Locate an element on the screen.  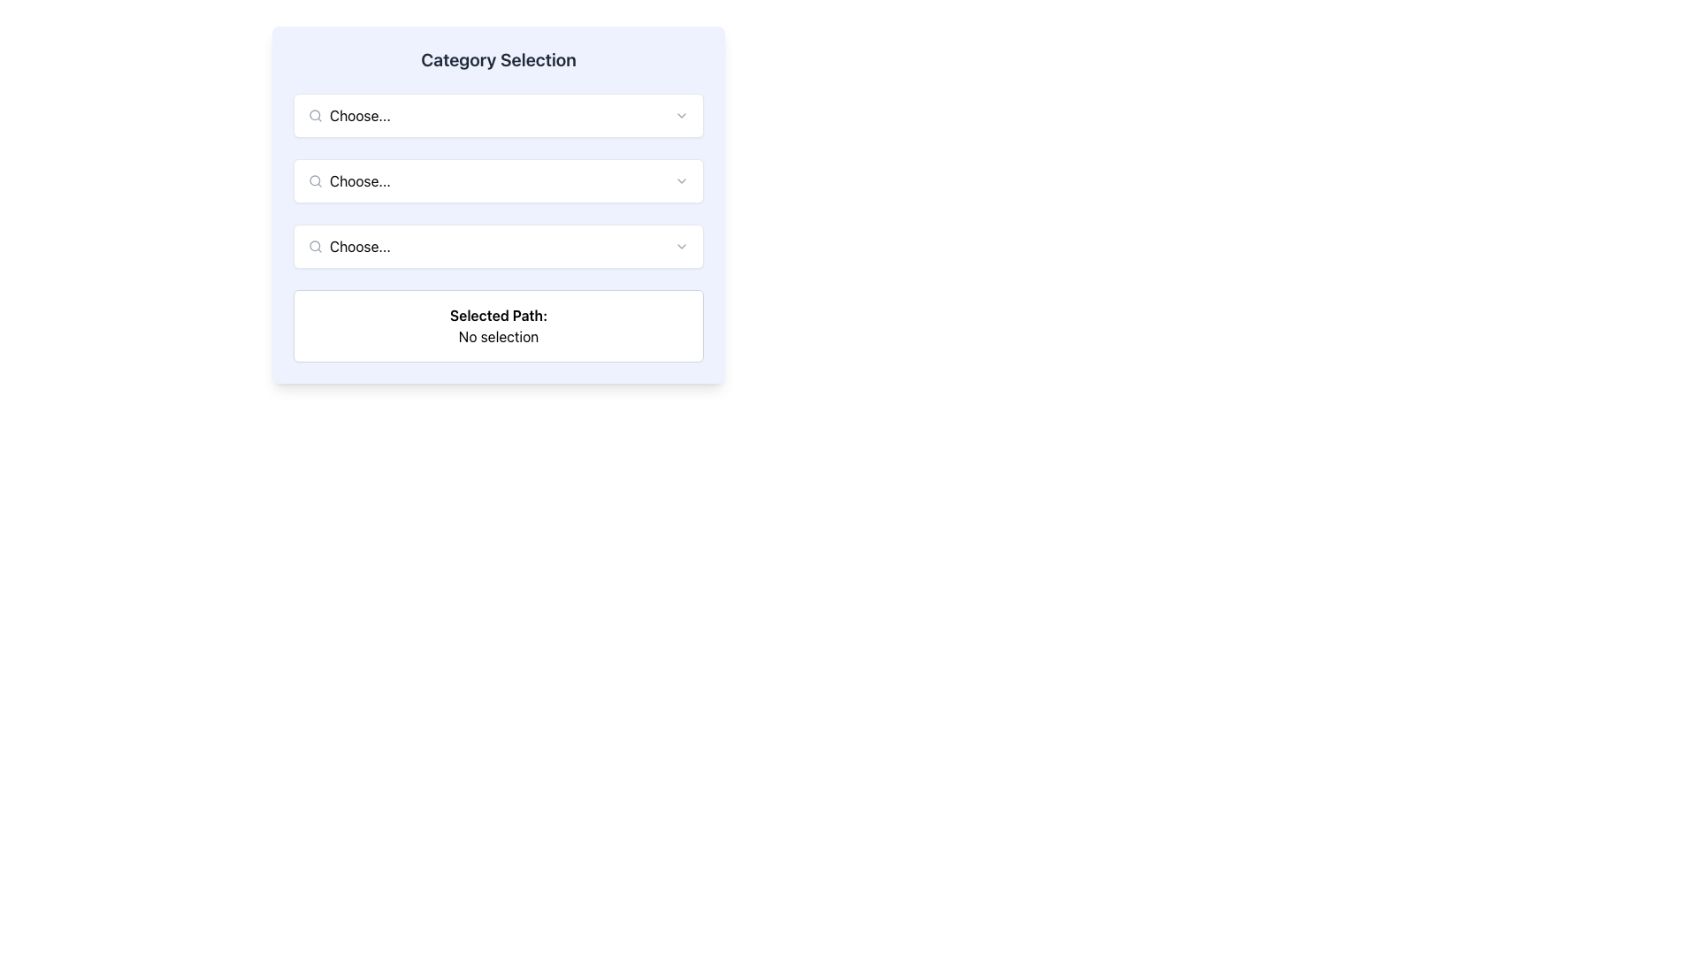
the search icon located at the left end of the third input field, which symbolizes a search action is located at coordinates (315, 246).